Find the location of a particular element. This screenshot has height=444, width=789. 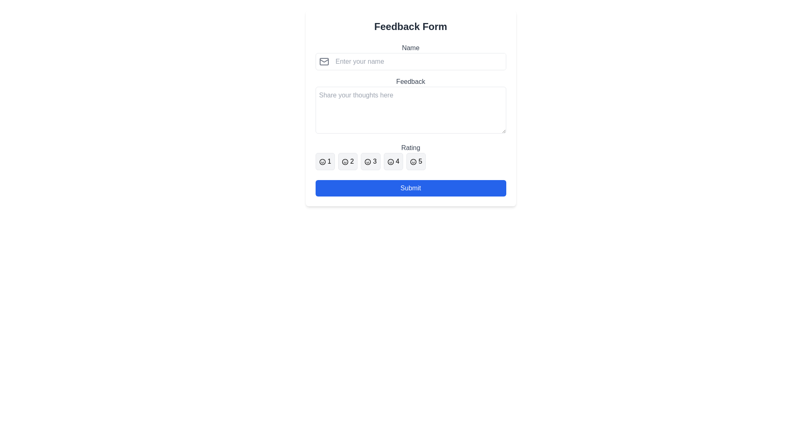

the red circular radio button corresponding to the number '5' with a smiley face emoji, located in a row of rating icons below the 'Rating' text field is located at coordinates (413, 162).